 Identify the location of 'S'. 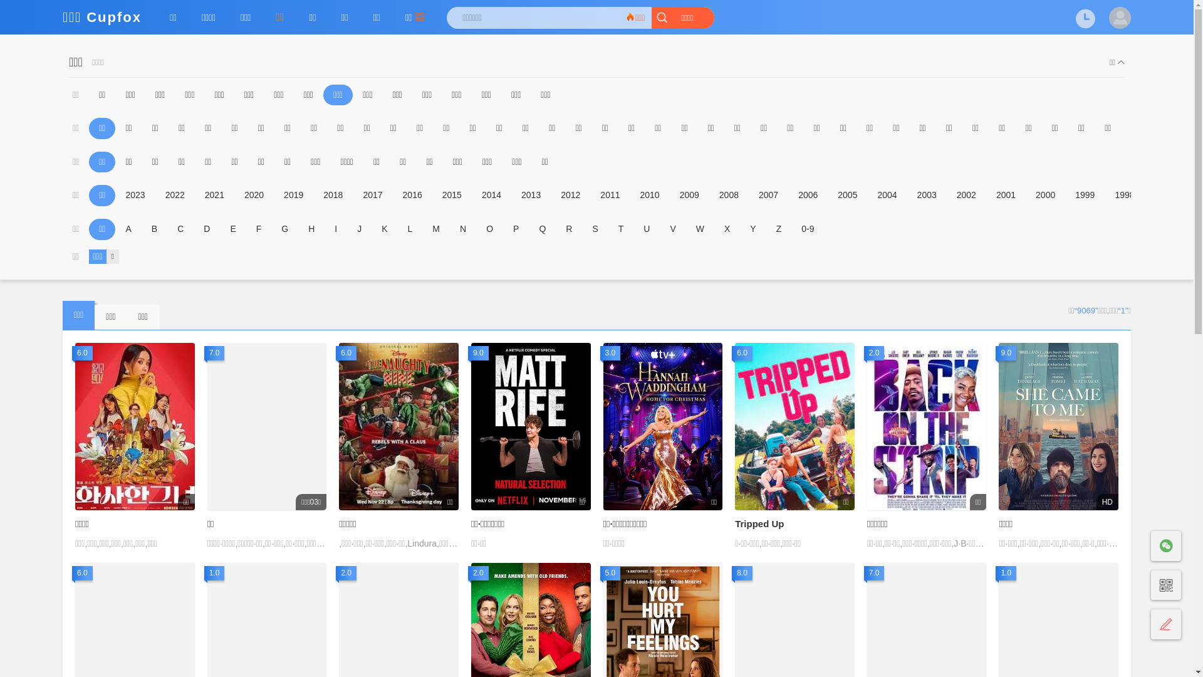
(594, 229).